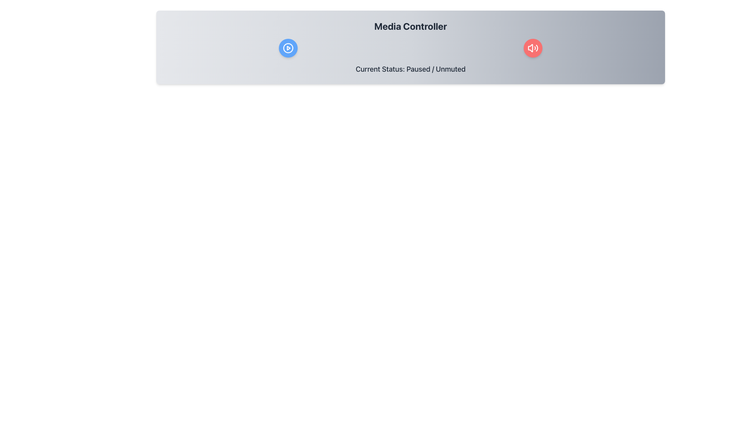 This screenshot has height=423, width=752. Describe the element at coordinates (288, 48) in the screenshot. I see `the Play icon located at the center of the circular button on the left side of the toolbar to initiate media playback` at that location.